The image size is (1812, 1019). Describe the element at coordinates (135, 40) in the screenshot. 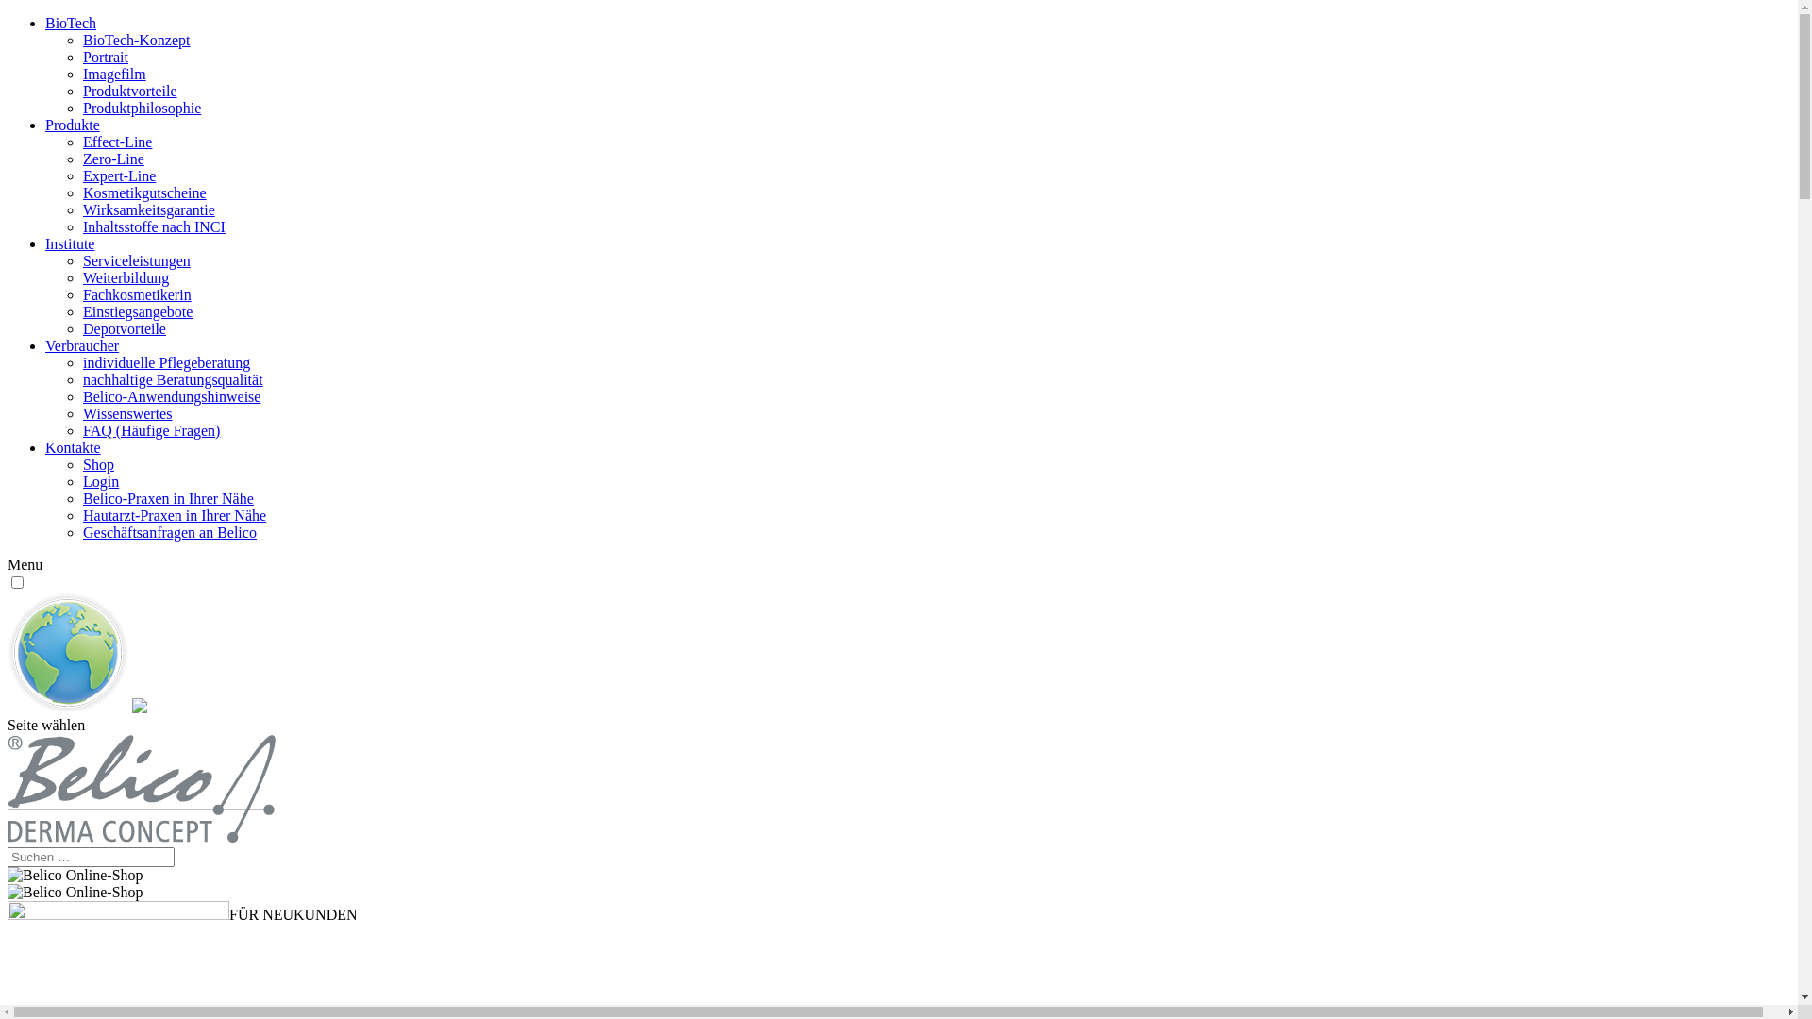

I see `'BioTech-Konzept'` at that location.